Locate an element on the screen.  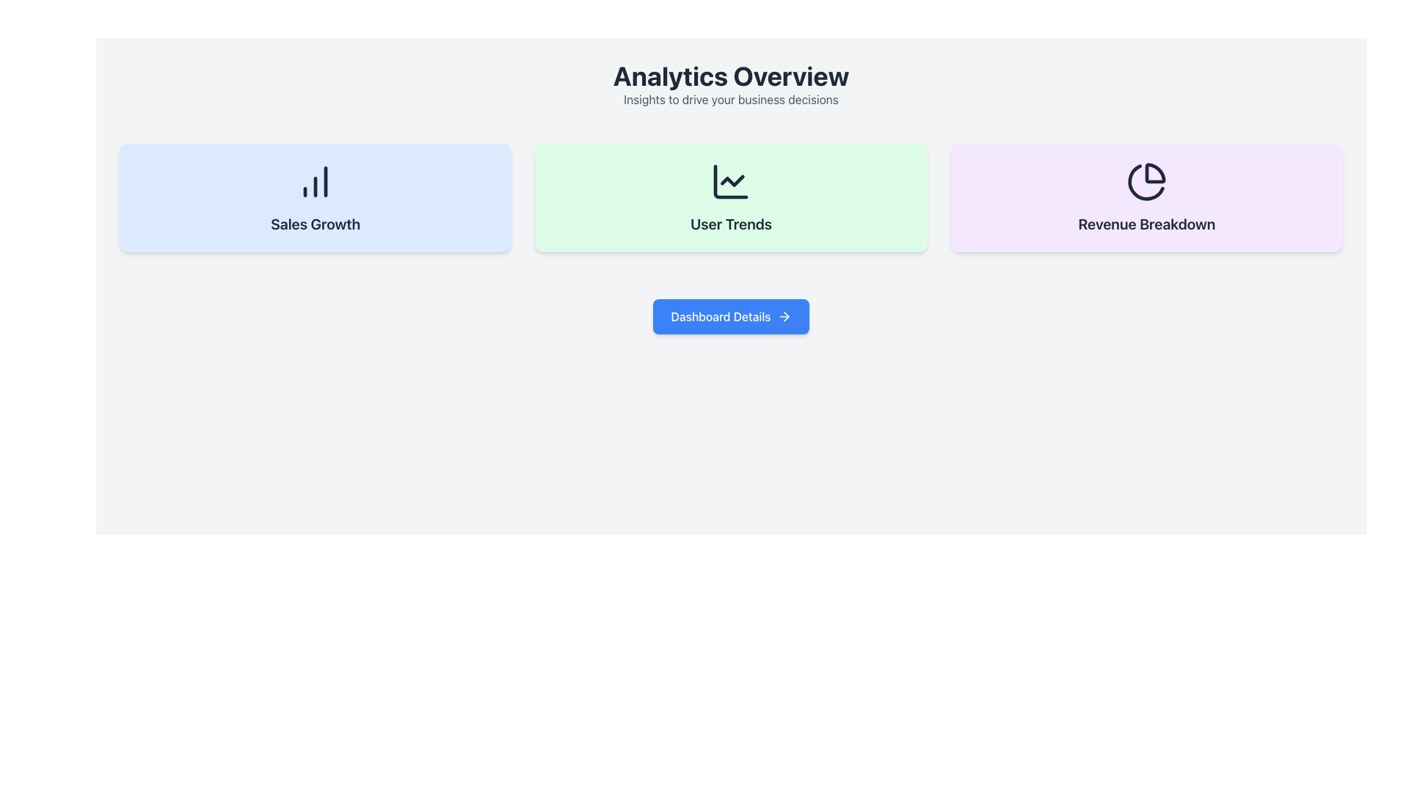
the 'Revenue Breakdown' text label which is displayed in bold, dark gray font at the lower segment of the third card with a light purple background is located at coordinates (1146, 224).